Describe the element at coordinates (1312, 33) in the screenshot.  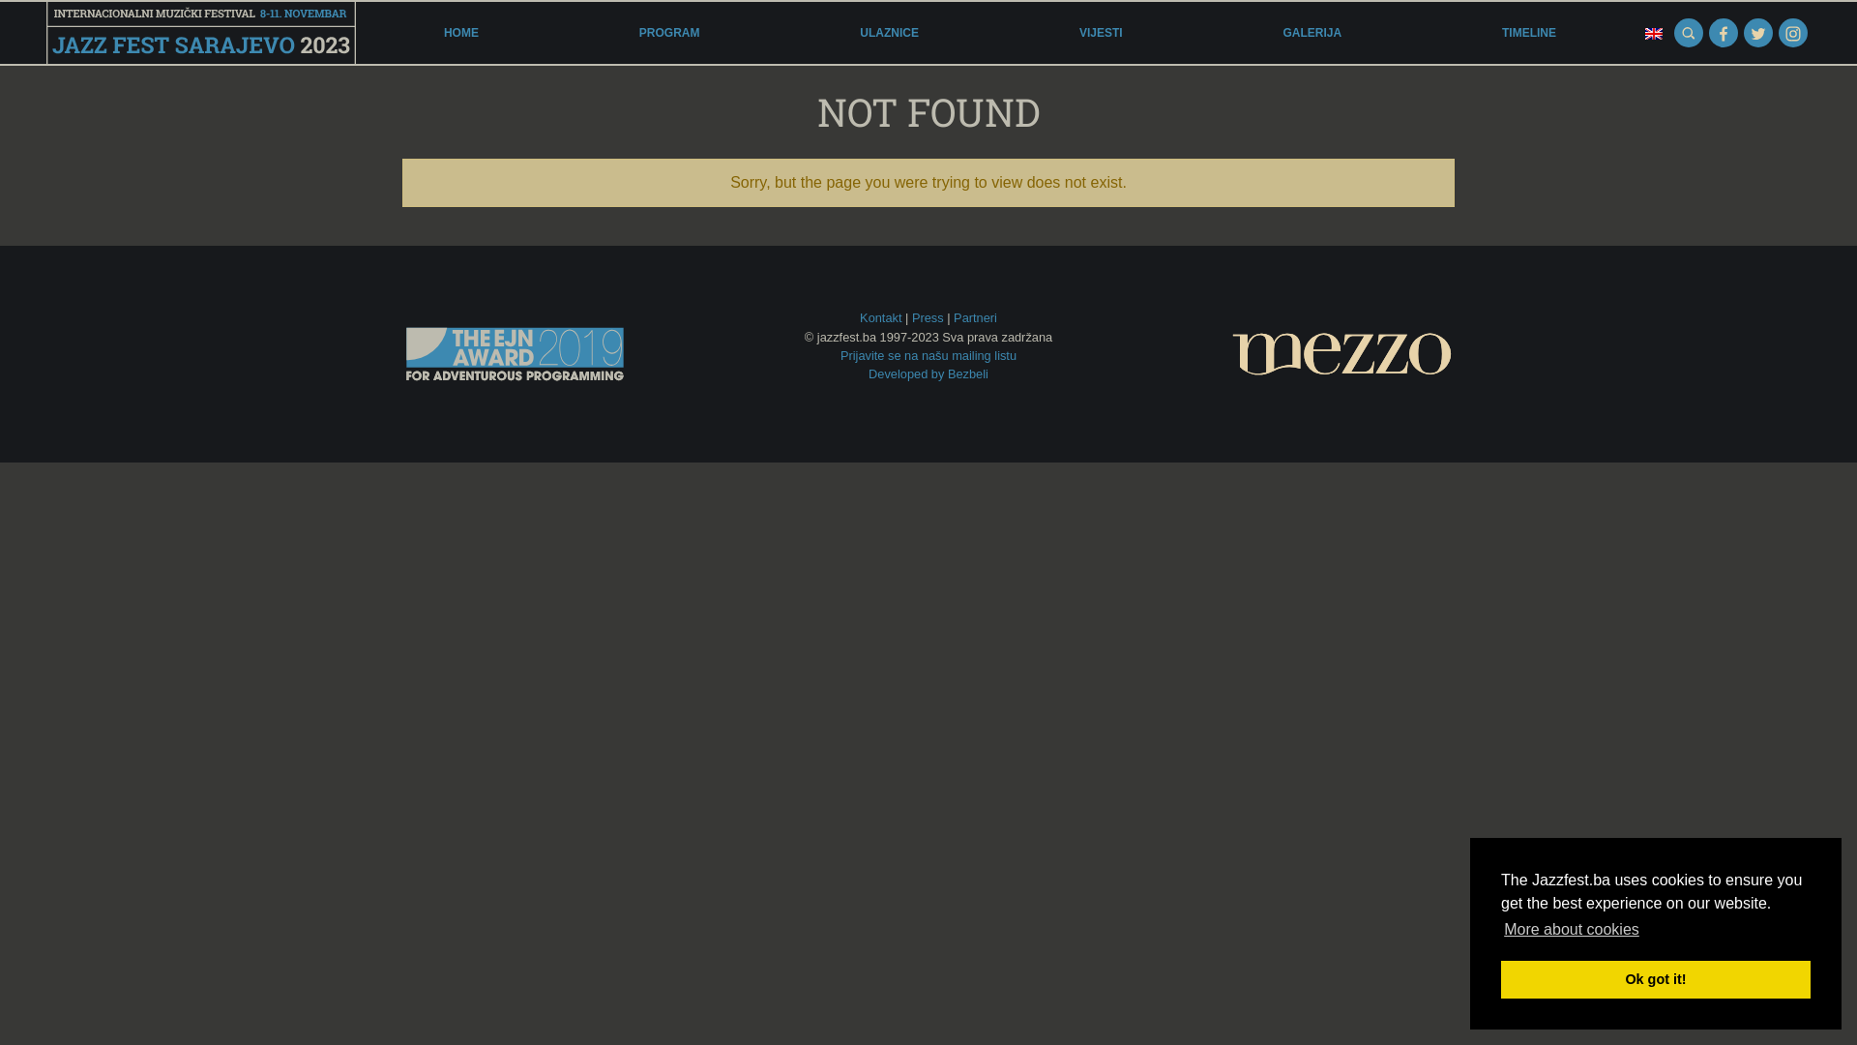
I see `'GALERIJA'` at that location.